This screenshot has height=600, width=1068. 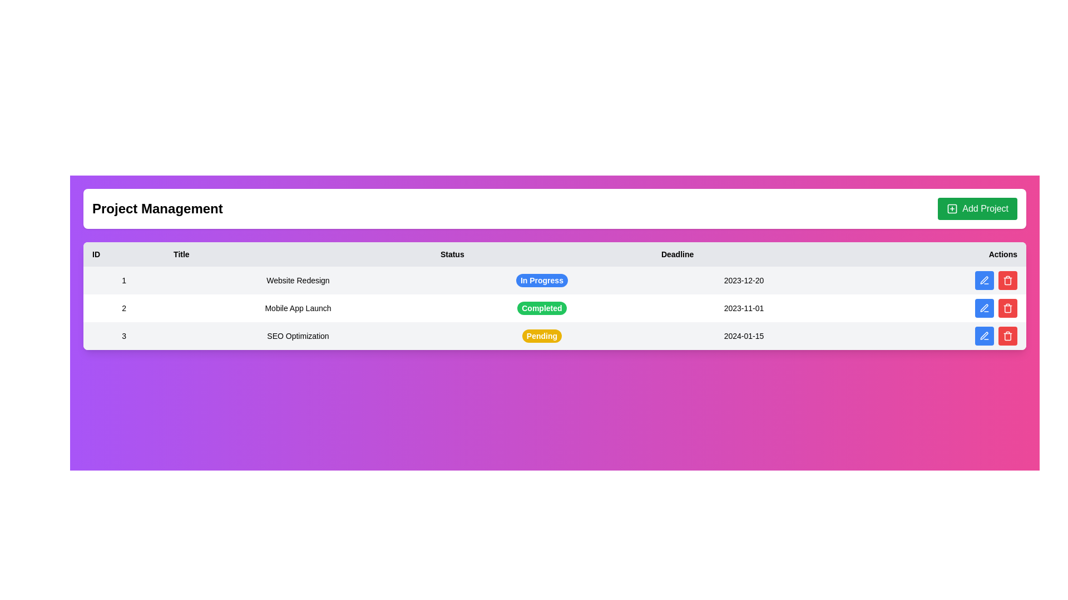 What do you see at coordinates (542, 308) in the screenshot?
I see `the 'Completed' status badge located in the second row of the project list table under the 'Status' column, positioned between 'Mobile App Launch' and the deadline date '2023-11-01'` at bounding box center [542, 308].